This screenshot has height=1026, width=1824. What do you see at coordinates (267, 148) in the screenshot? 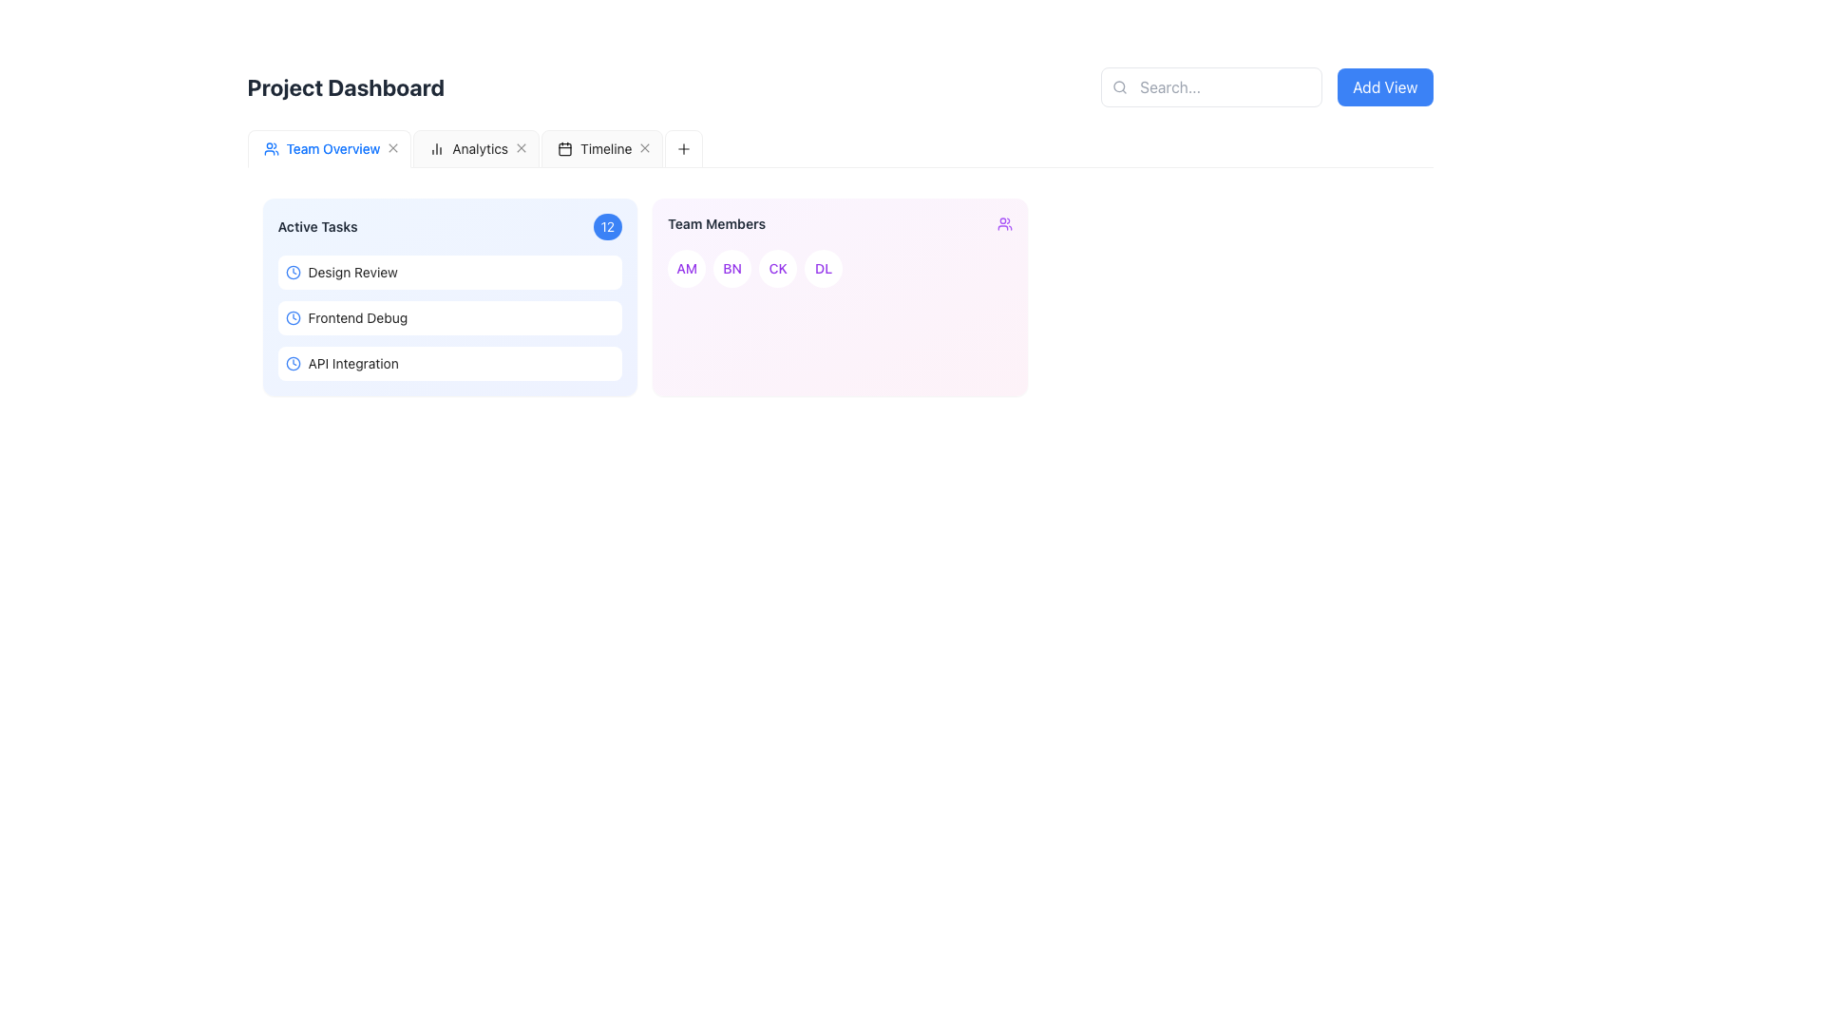
I see `the button that adds a new tab` at bounding box center [267, 148].